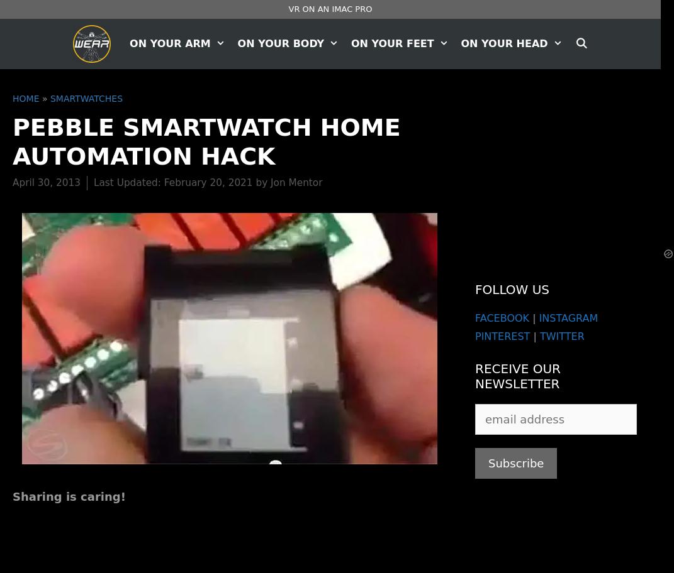  What do you see at coordinates (503, 43) in the screenshot?
I see `'On Your Head'` at bounding box center [503, 43].